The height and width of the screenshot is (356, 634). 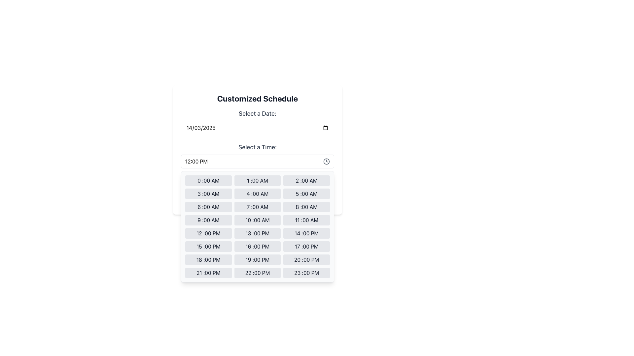 What do you see at coordinates (306, 180) in the screenshot?
I see `the rectangular button with rounded edges displaying '2 :00 AM' to observe its hover response` at bounding box center [306, 180].